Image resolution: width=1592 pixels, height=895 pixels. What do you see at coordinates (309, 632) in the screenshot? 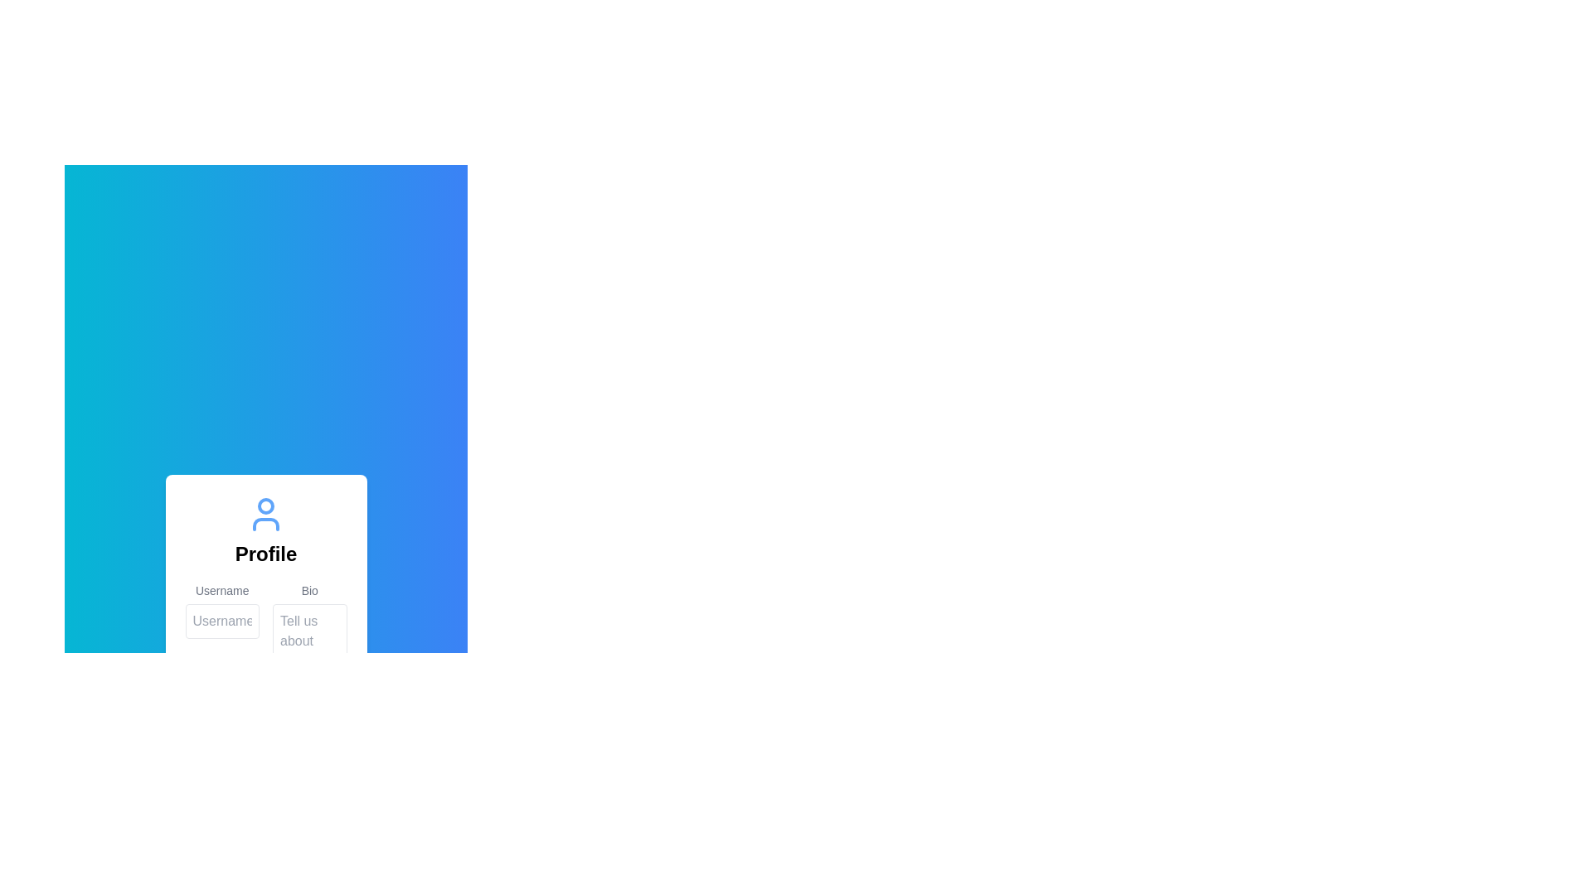
I see `the Textarea located in the right-hand column of the profile grid layout, next to the 'Username' section, to focus and type in it` at bounding box center [309, 632].